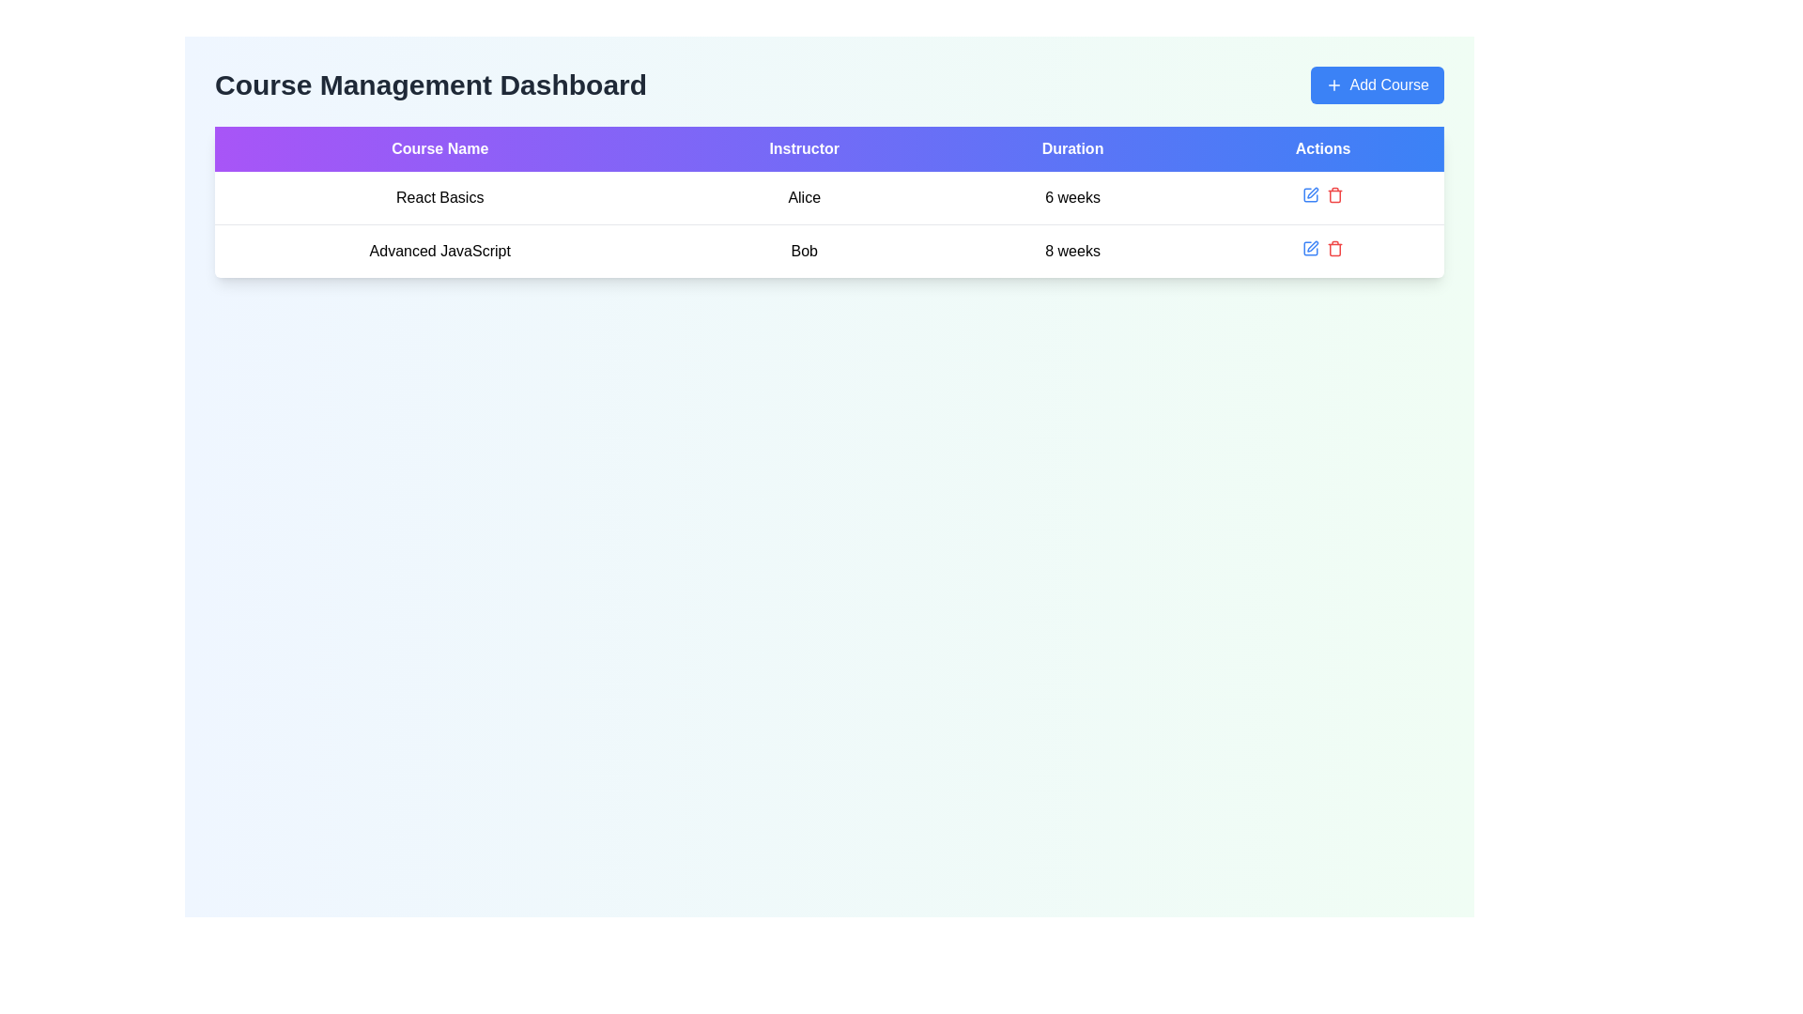 Image resolution: width=1803 pixels, height=1014 pixels. I want to click on the delete icon for the 'Advanced JavaScript' course, which is the second action icon in the 'Actions' column of the last row, so click(1333, 248).